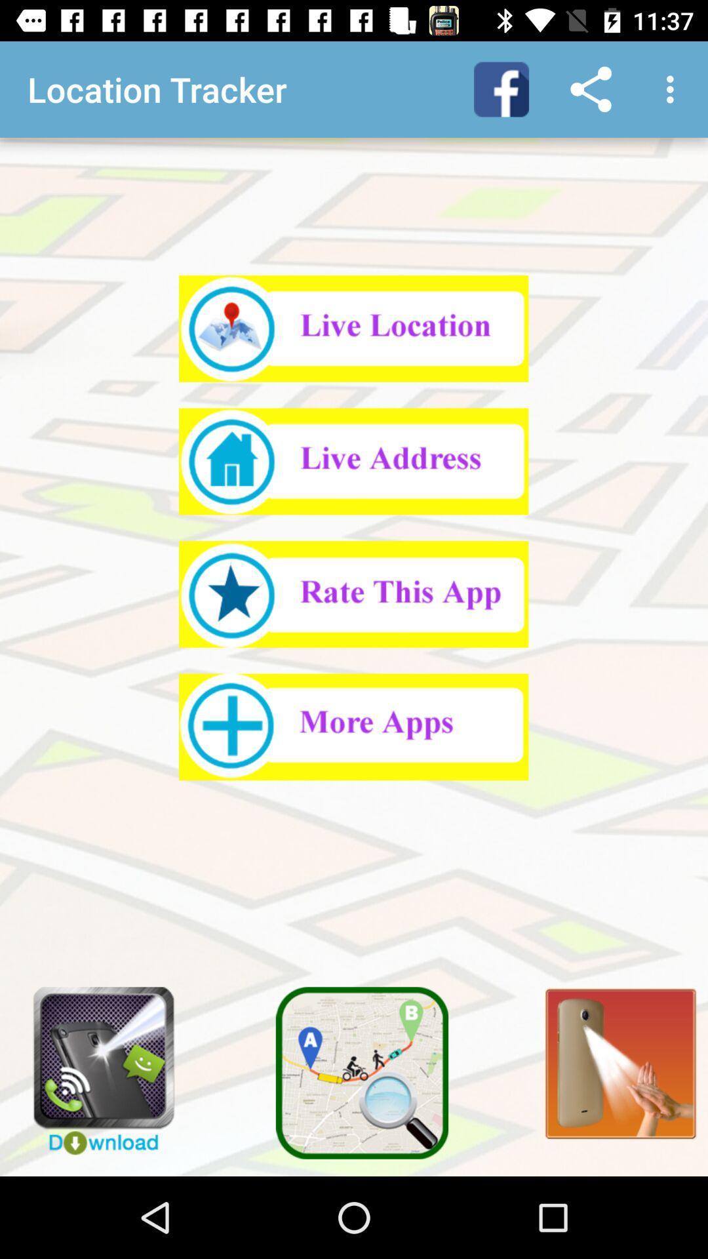  I want to click on activate the flash button, so click(613, 1056).